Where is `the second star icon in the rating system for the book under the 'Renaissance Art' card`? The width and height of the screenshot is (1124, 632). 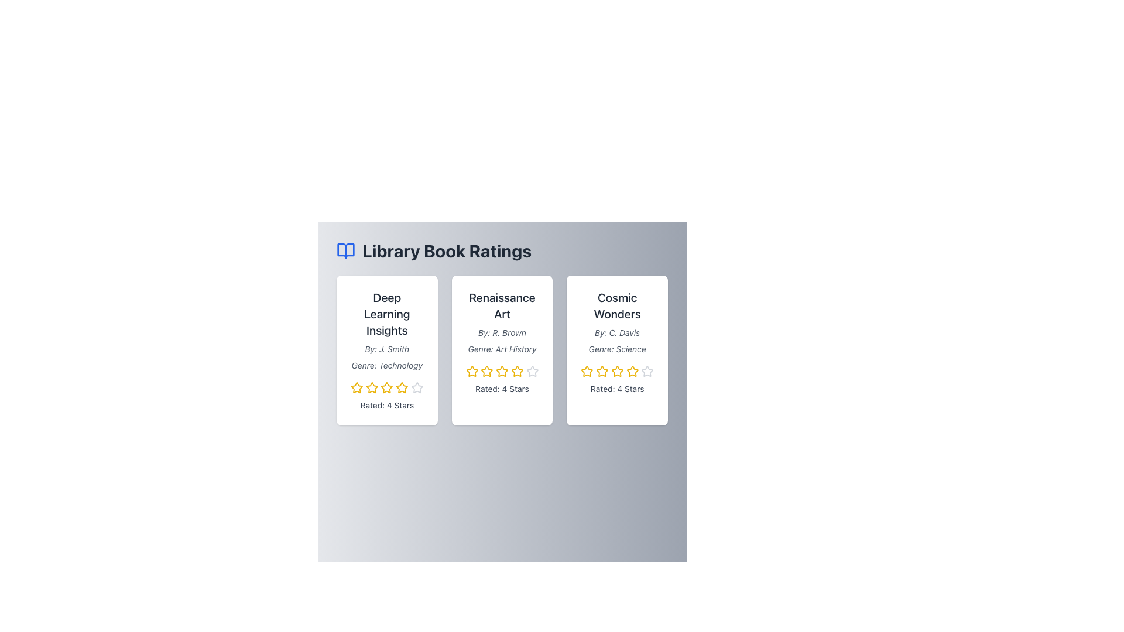 the second star icon in the rating system for the book under the 'Renaissance Art' card is located at coordinates (472, 371).